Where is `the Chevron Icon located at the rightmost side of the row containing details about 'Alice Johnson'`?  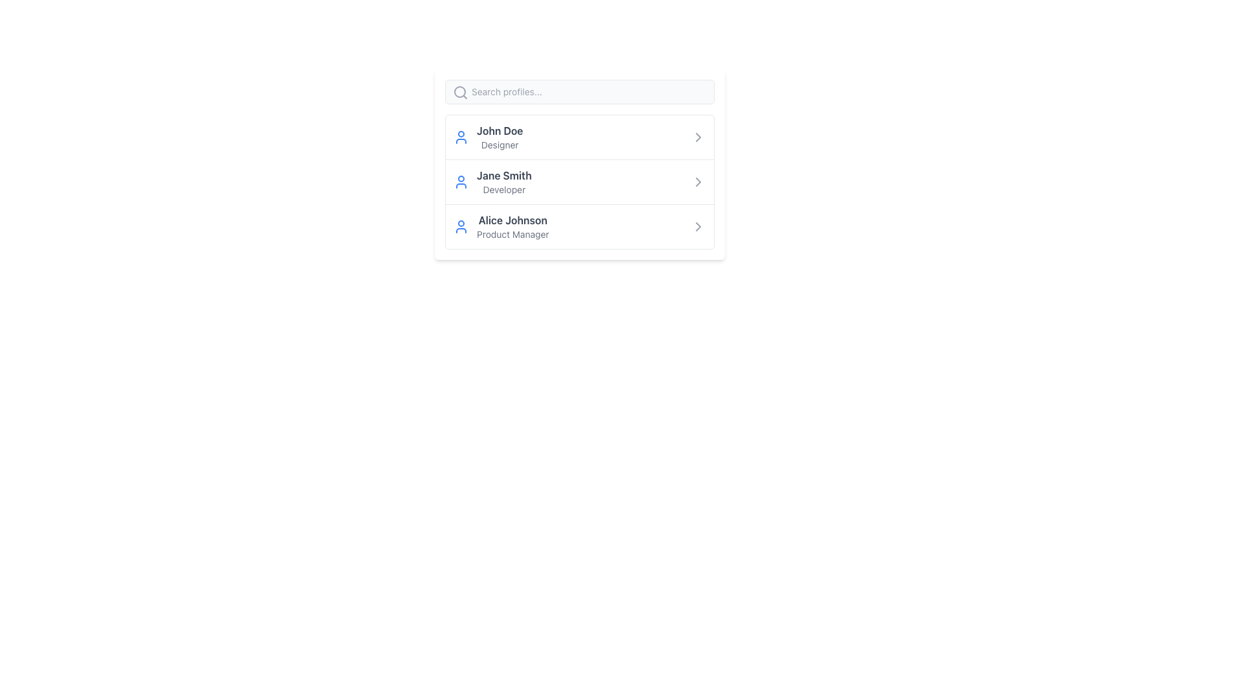 the Chevron Icon located at the rightmost side of the row containing details about 'Alice Johnson' is located at coordinates (698, 226).